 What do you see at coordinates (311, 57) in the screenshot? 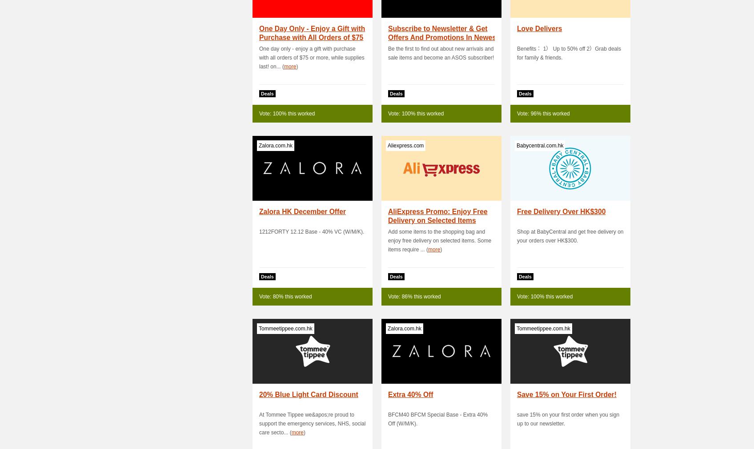
I see `'One day only - enjoy a gift with purchase with all orders of $75 or more, while supplies last! on... ('` at bounding box center [311, 57].